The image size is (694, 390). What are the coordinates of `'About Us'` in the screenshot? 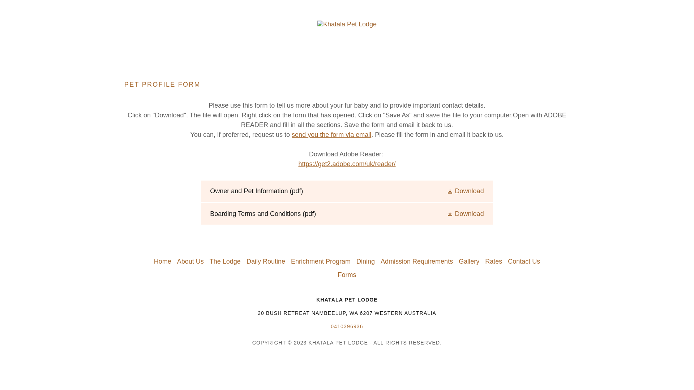 It's located at (174, 261).